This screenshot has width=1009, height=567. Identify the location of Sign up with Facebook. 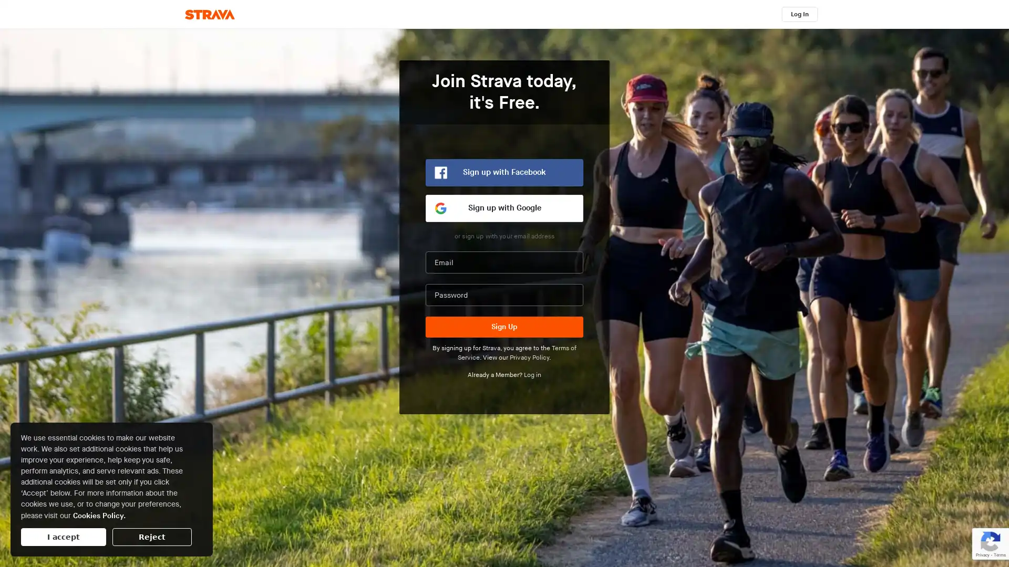
(504, 172).